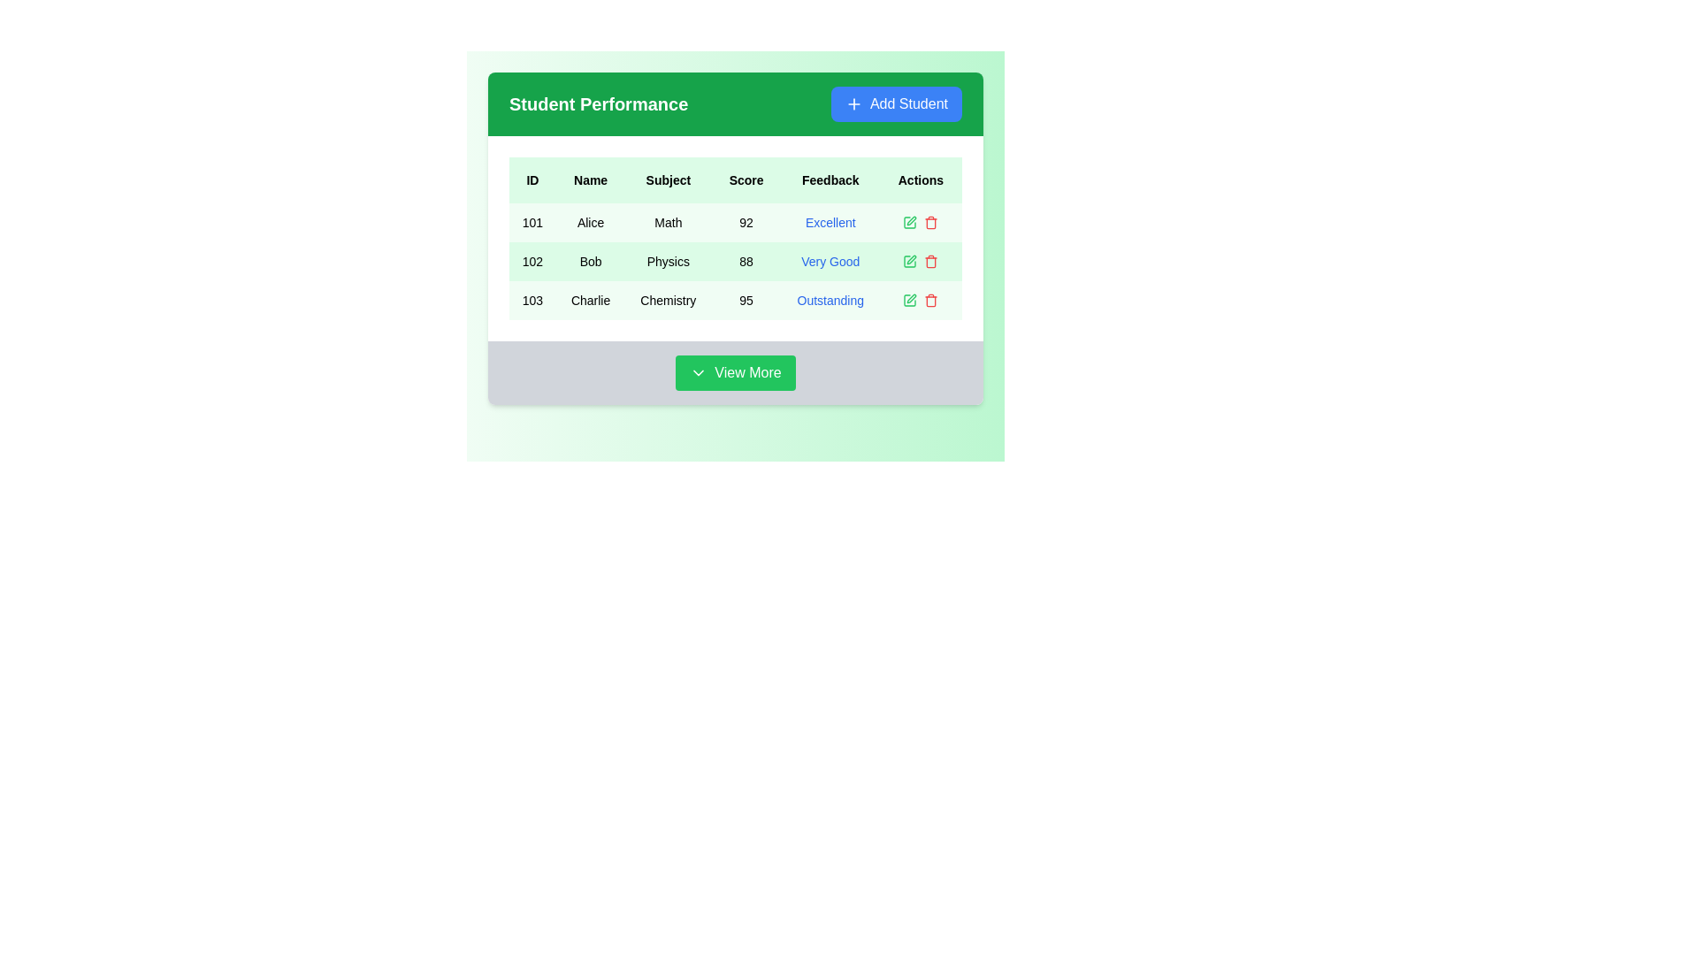  I want to click on the Table cell representing the score achieved by Alice in the 'Student Performance' section, located in the fourth column of the first row, so click(735, 239).